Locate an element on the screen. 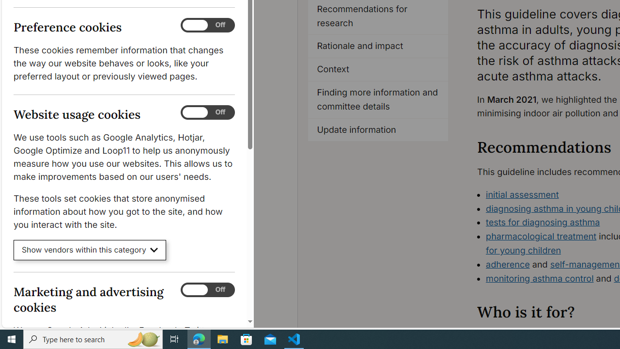 The width and height of the screenshot is (620, 349). 'Update information' is located at coordinates (377, 129).